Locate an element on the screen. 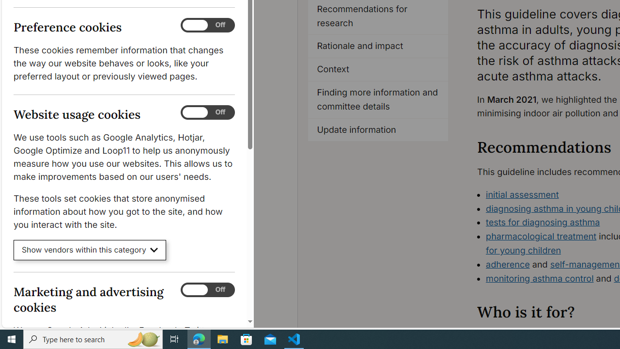 The width and height of the screenshot is (620, 349). 'Update information' is located at coordinates (377, 129).